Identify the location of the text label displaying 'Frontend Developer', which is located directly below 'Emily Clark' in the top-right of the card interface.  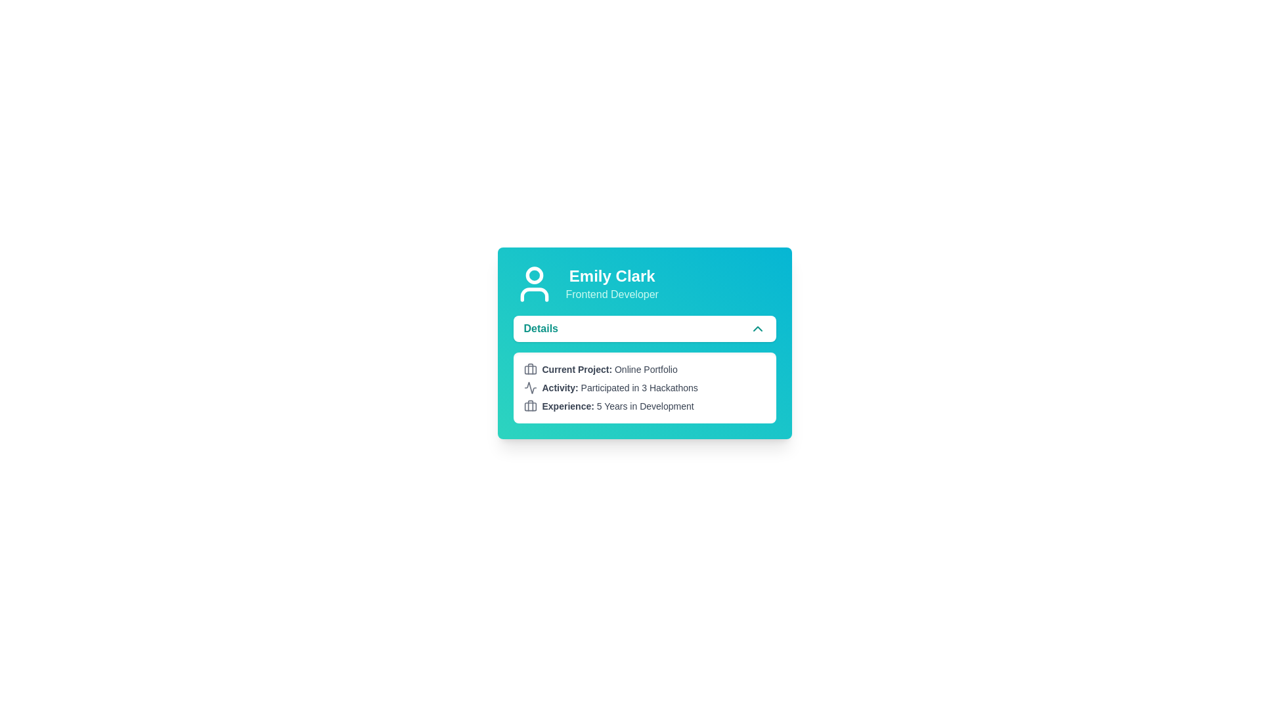
(611, 293).